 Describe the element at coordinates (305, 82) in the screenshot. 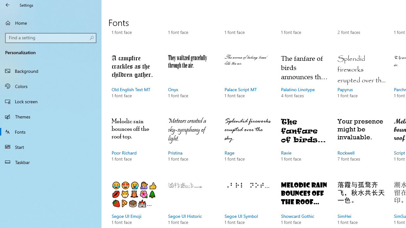

I see `'Palatino Linotype, 4 font faces'` at that location.